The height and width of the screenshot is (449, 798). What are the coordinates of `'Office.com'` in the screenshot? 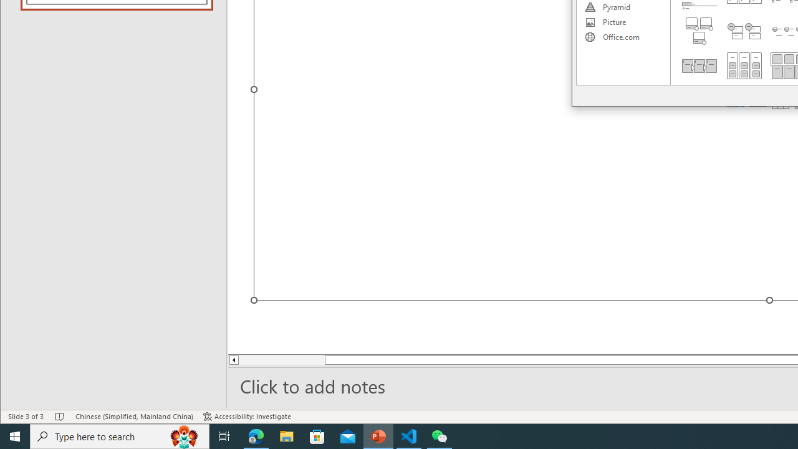 It's located at (623, 37).